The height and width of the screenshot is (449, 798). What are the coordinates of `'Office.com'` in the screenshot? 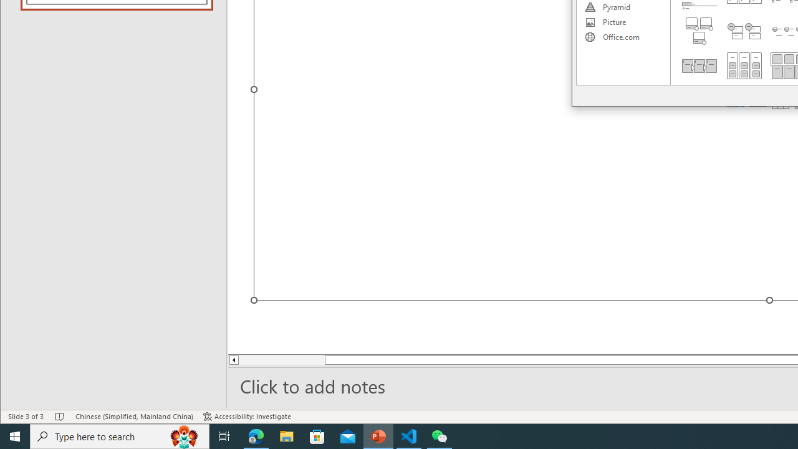 It's located at (623, 37).